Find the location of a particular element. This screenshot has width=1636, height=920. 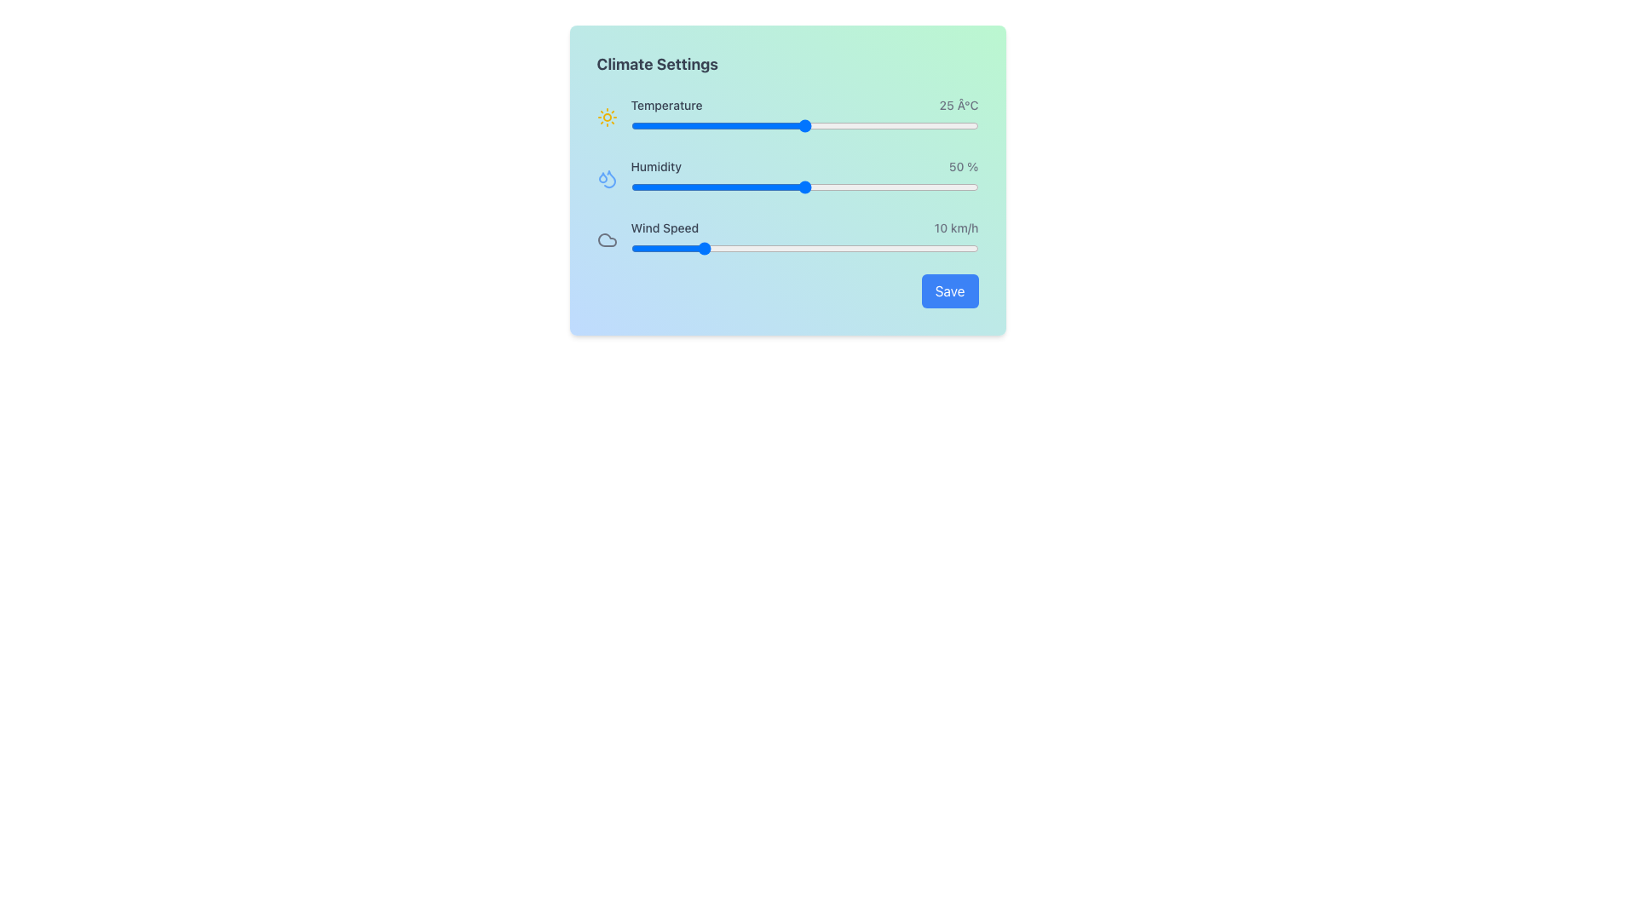

the temperature slider is located at coordinates (839, 124).